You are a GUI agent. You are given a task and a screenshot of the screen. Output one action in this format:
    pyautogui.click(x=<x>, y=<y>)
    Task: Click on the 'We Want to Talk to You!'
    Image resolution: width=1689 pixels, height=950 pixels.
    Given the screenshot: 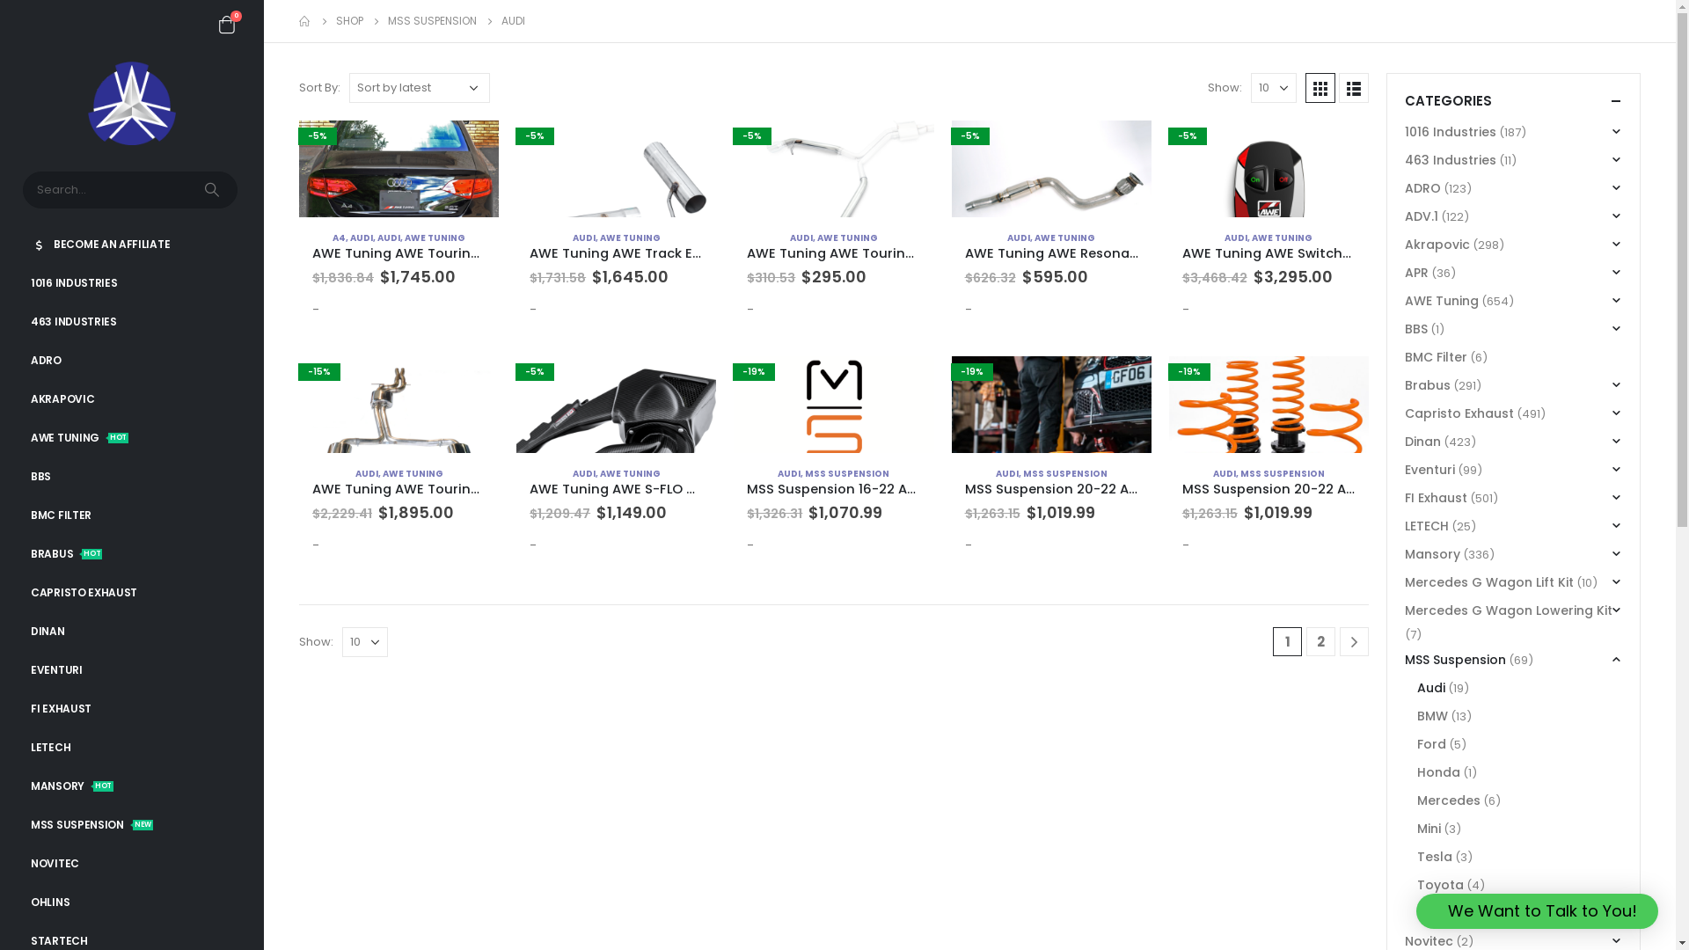 What is the action you would take?
    pyautogui.click(x=1415, y=910)
    